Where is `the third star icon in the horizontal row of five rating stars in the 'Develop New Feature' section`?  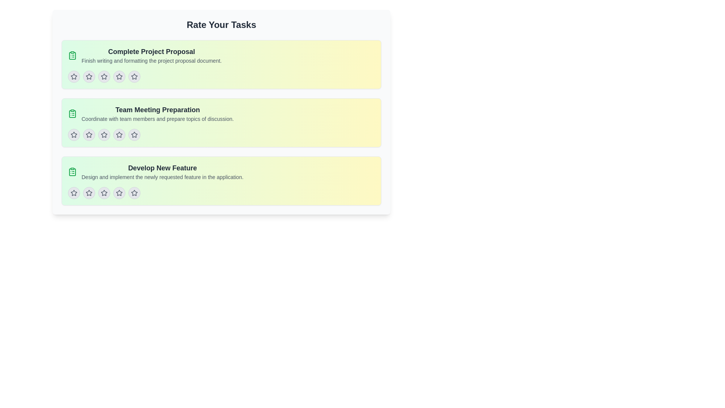 the third star icon in the horizontal row of five rating stars in the 'Develop New Feature' section is located at coordinates (119, 192).